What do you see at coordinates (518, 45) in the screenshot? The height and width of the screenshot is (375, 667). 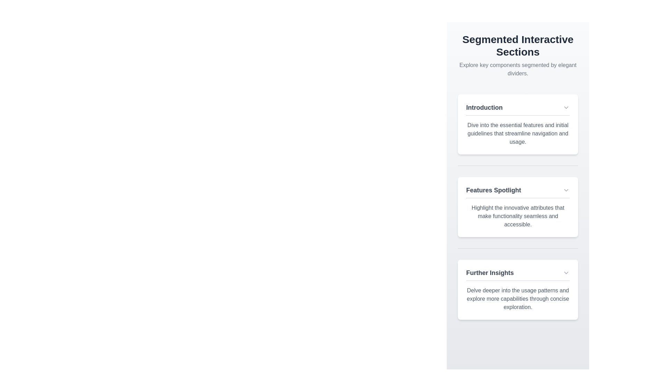 I see `the Header element, which is the title for a section positioned at the top of a vertical layout, above a smaller descriptive subtitle` at bounding box center [518, 45].